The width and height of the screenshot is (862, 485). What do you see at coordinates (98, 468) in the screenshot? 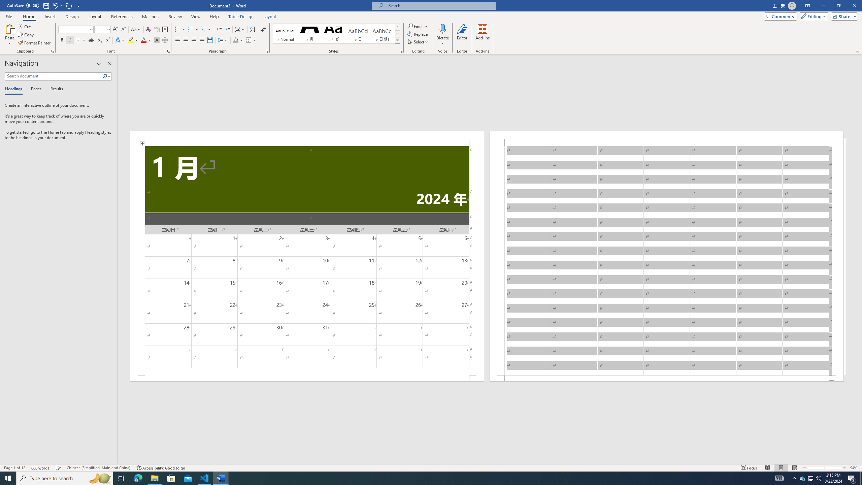
I see `'Language Chinese (Simplified, Mainland China)'` at bounding box center [98, 468].